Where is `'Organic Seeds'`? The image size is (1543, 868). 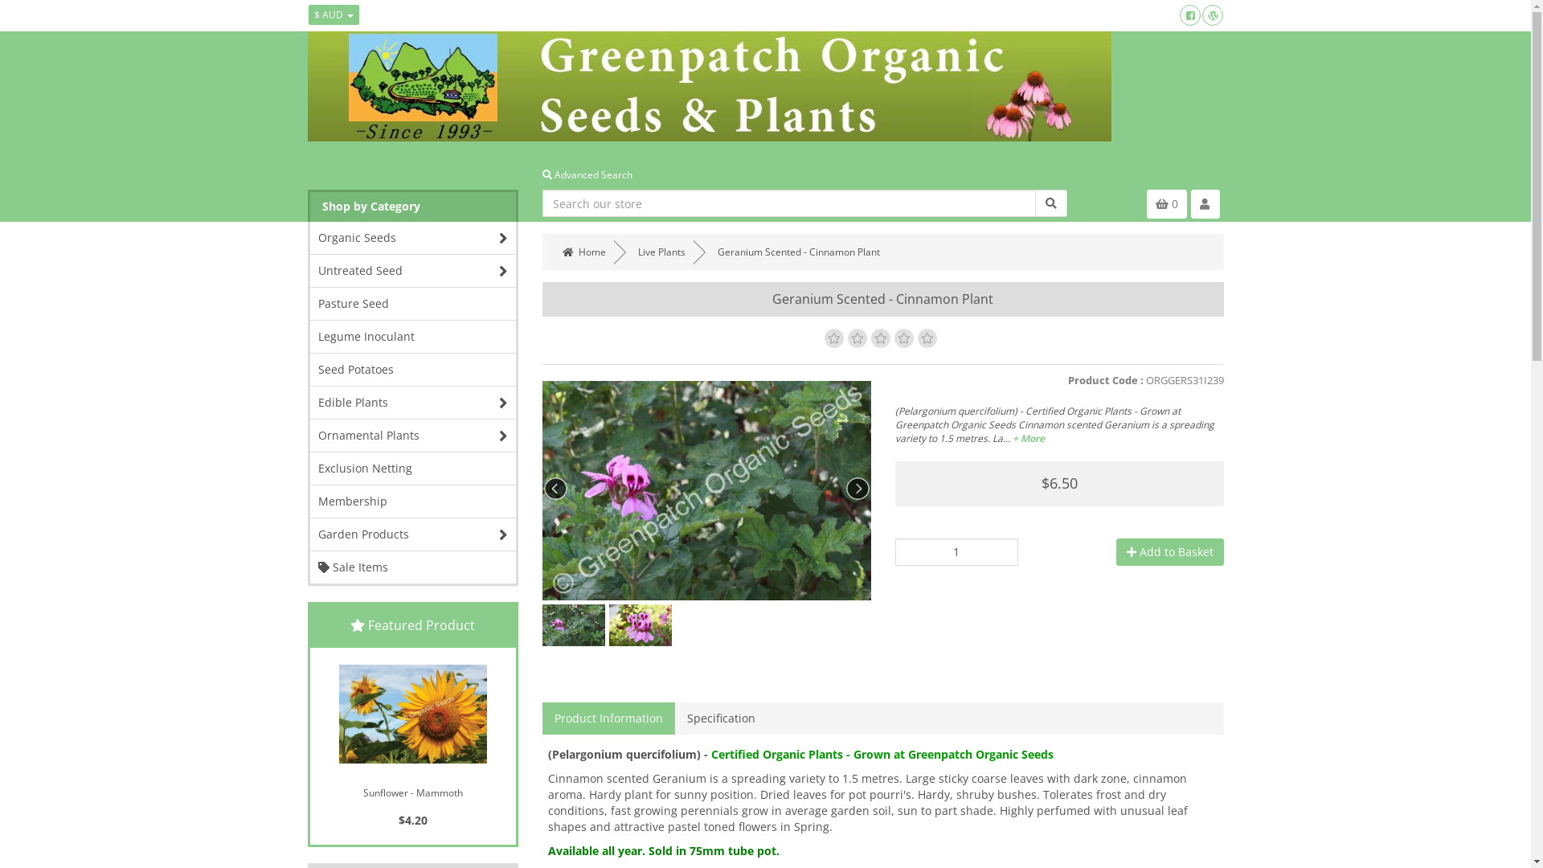 'Organic Seeds' is located at coordinates (413, 238).